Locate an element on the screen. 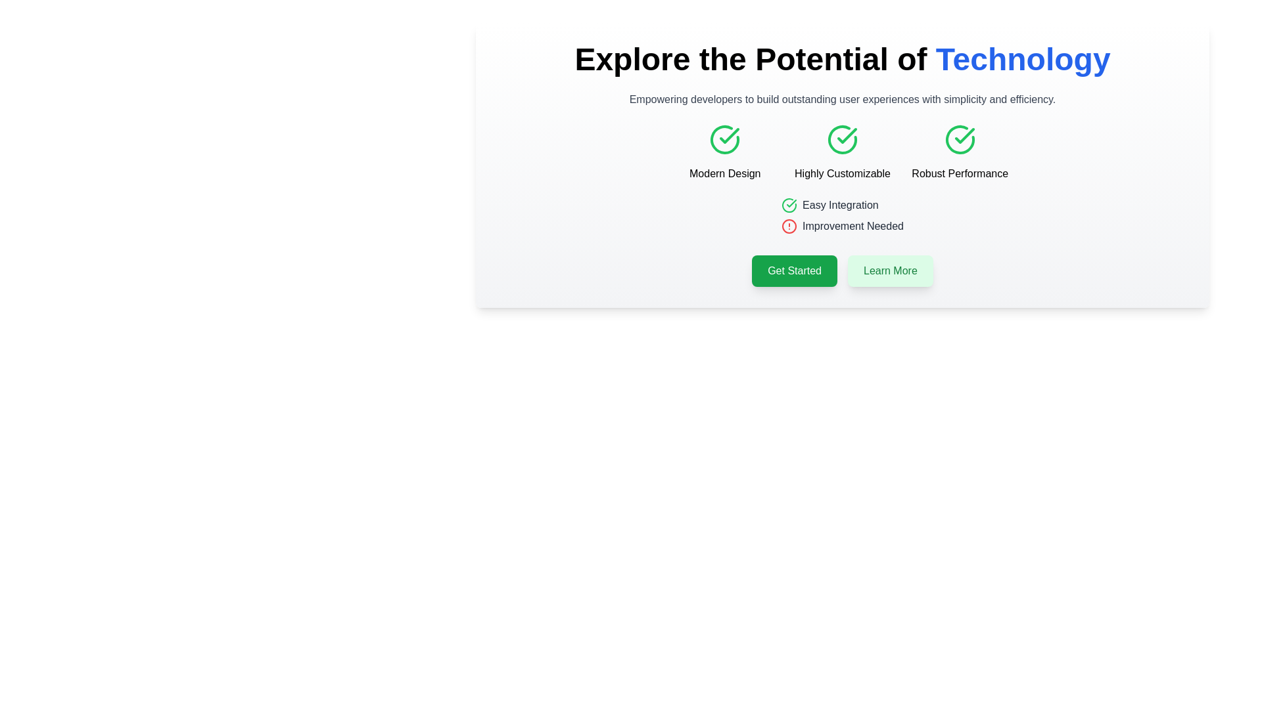  the left part of the checkmark icon representing 'Modern Design', which is a decorative SVG graphical element that serves as a non-interactive visual indicator is located at coordinates (724, 139).